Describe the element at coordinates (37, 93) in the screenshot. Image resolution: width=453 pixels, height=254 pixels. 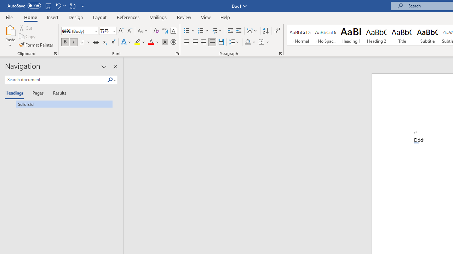
I see `'Pages'` at that location.